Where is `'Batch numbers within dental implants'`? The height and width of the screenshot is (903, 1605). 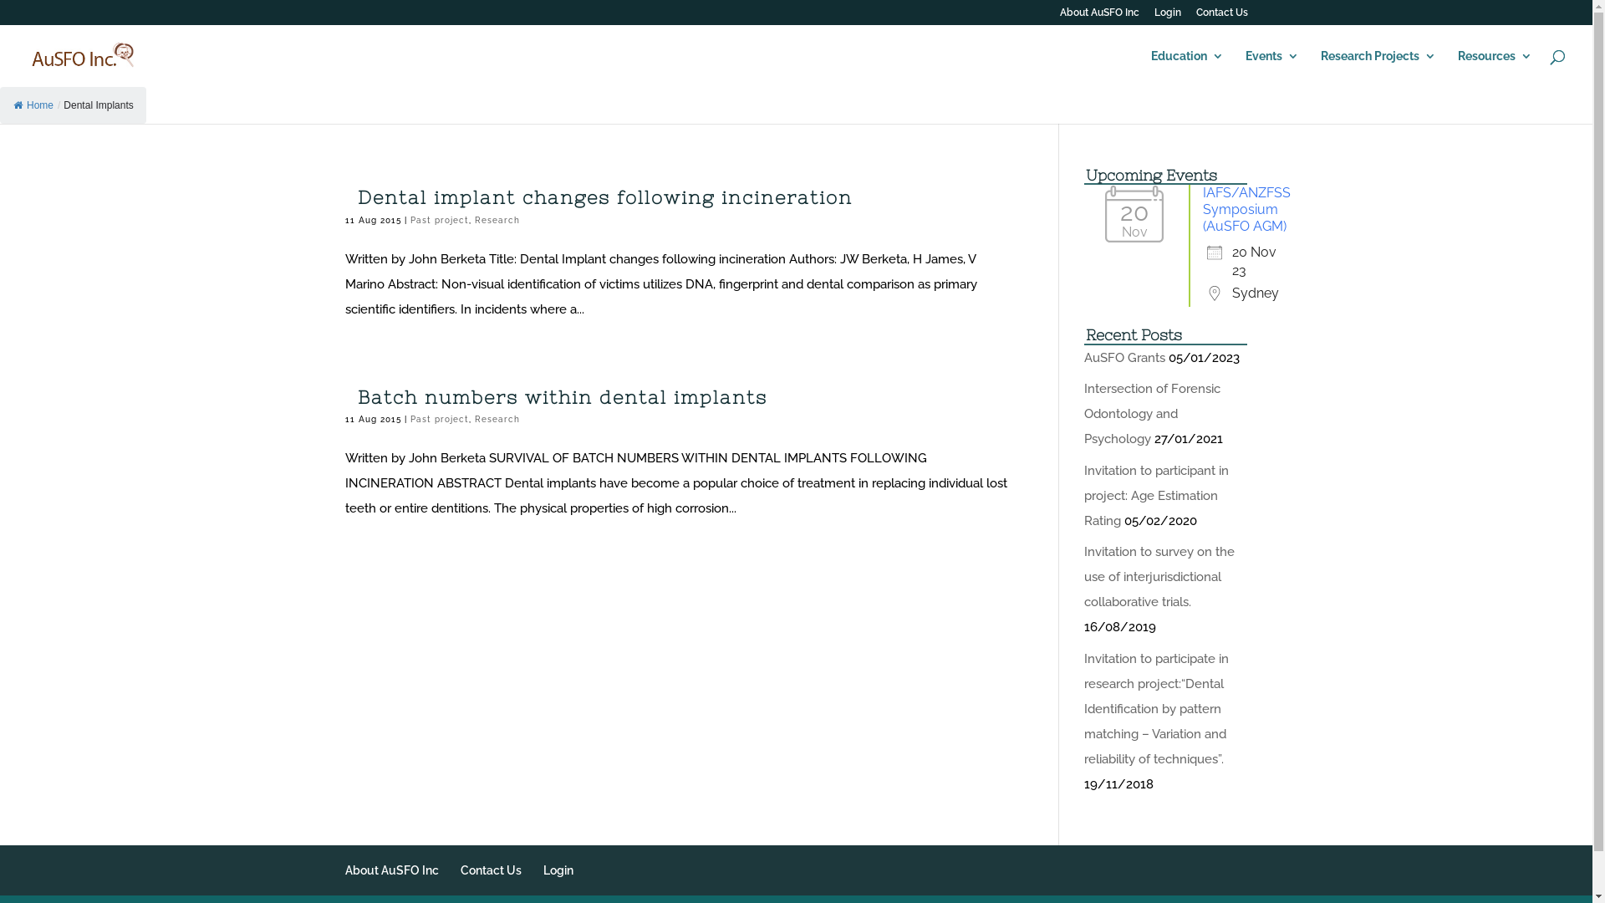 'Batch numbers within dental implants' is located at coordinates (562, 396).